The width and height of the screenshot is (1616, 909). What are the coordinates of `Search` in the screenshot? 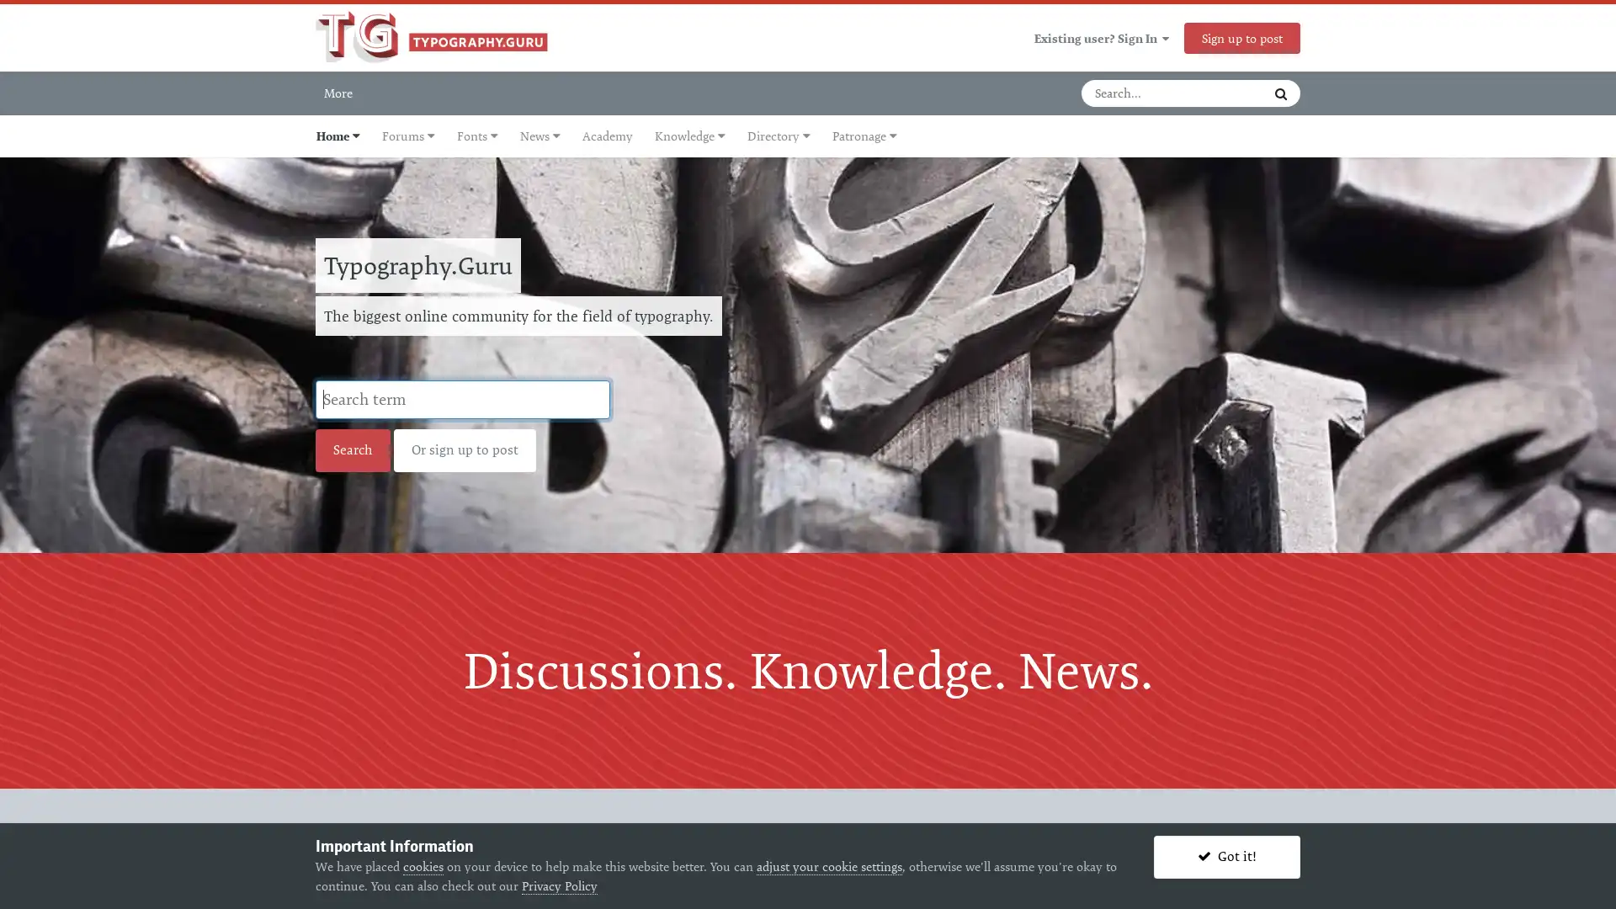 It's located at (352, 449).